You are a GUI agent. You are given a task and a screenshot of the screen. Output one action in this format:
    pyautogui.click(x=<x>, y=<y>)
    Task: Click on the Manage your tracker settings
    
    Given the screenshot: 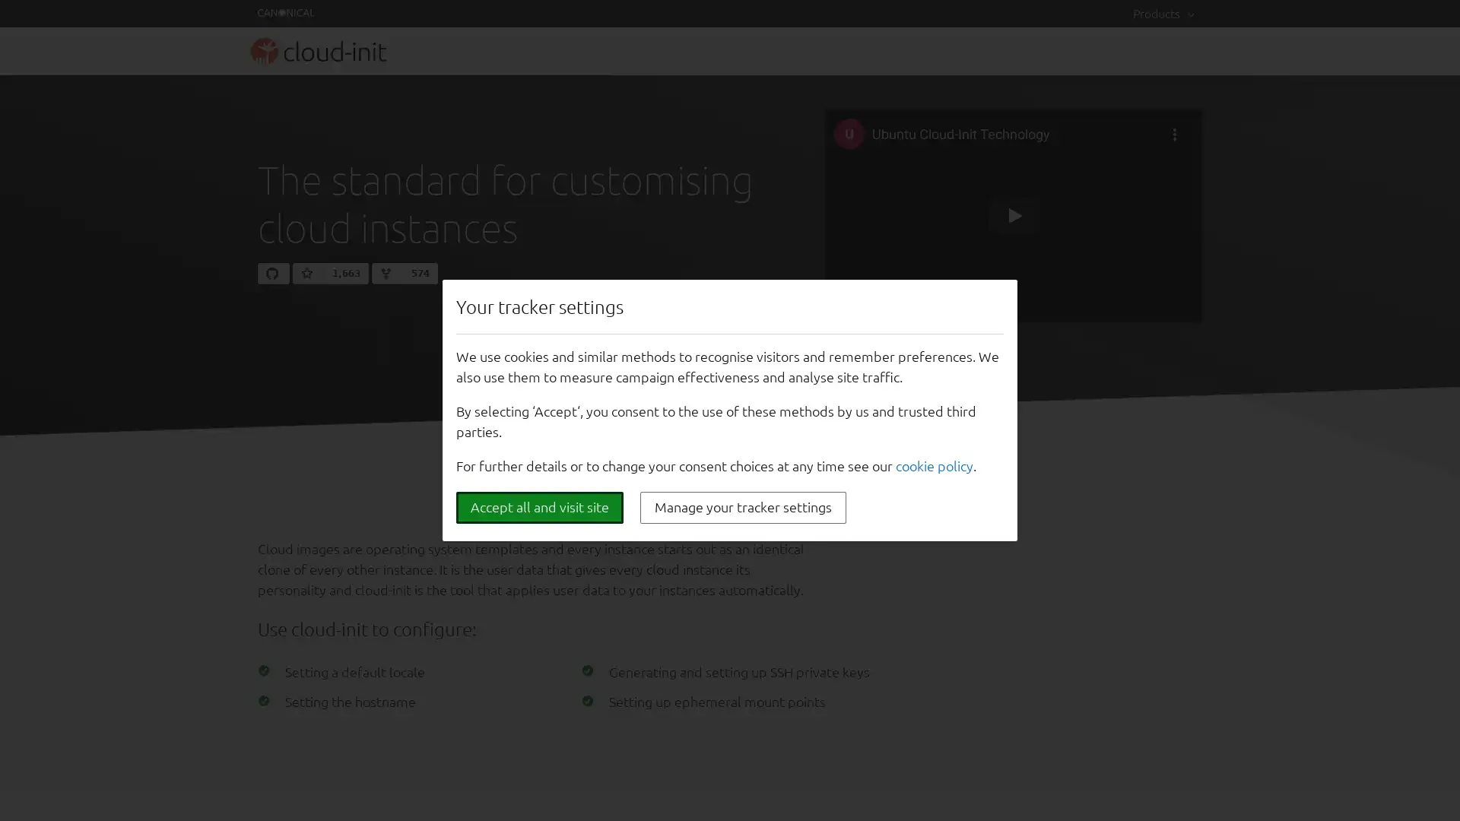 What is the action you would take?
    pyautogui.click(x=743, y=507)
    